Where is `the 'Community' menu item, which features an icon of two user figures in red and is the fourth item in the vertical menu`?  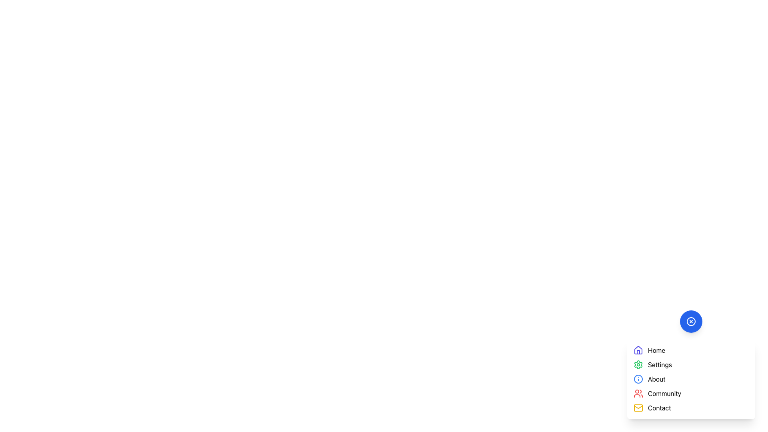
the 'Community' menu item, which features an icon of two user figures in red and is the fourth item in the vertical menu is located at coordinates (691, 393).